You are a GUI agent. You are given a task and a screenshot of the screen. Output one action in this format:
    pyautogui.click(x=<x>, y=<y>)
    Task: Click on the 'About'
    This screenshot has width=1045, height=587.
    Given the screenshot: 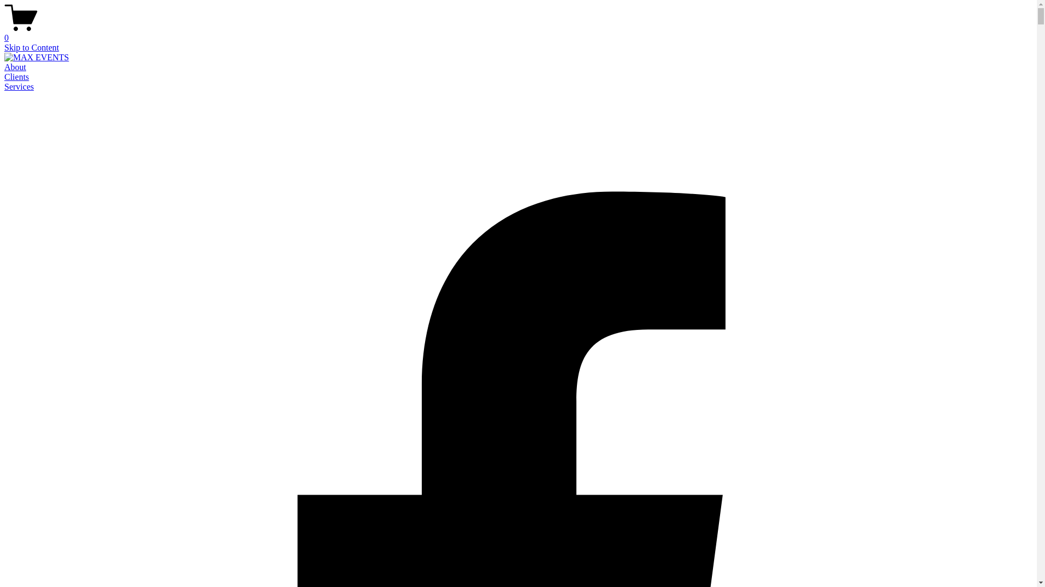 What is the action you would take?
    pyautogui.click(x=4, y=67)
    